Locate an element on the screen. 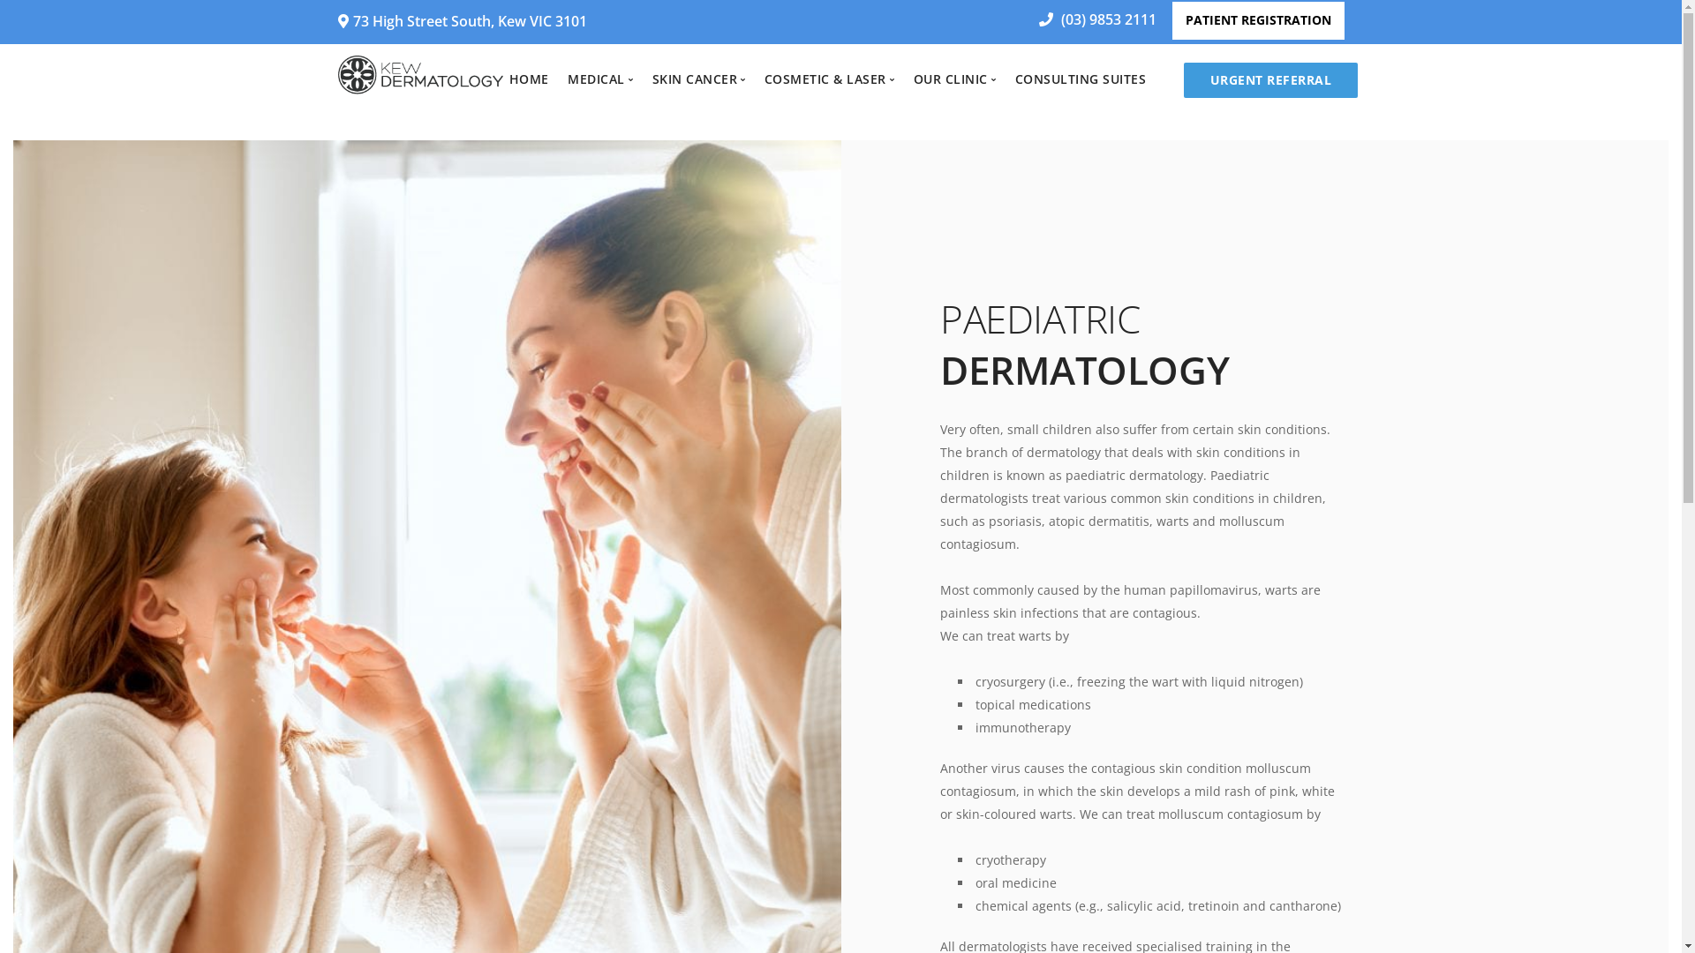 This screenshot has width=1695, height=953. 'OUR CLINIC' is located at coordinates (914, 78).